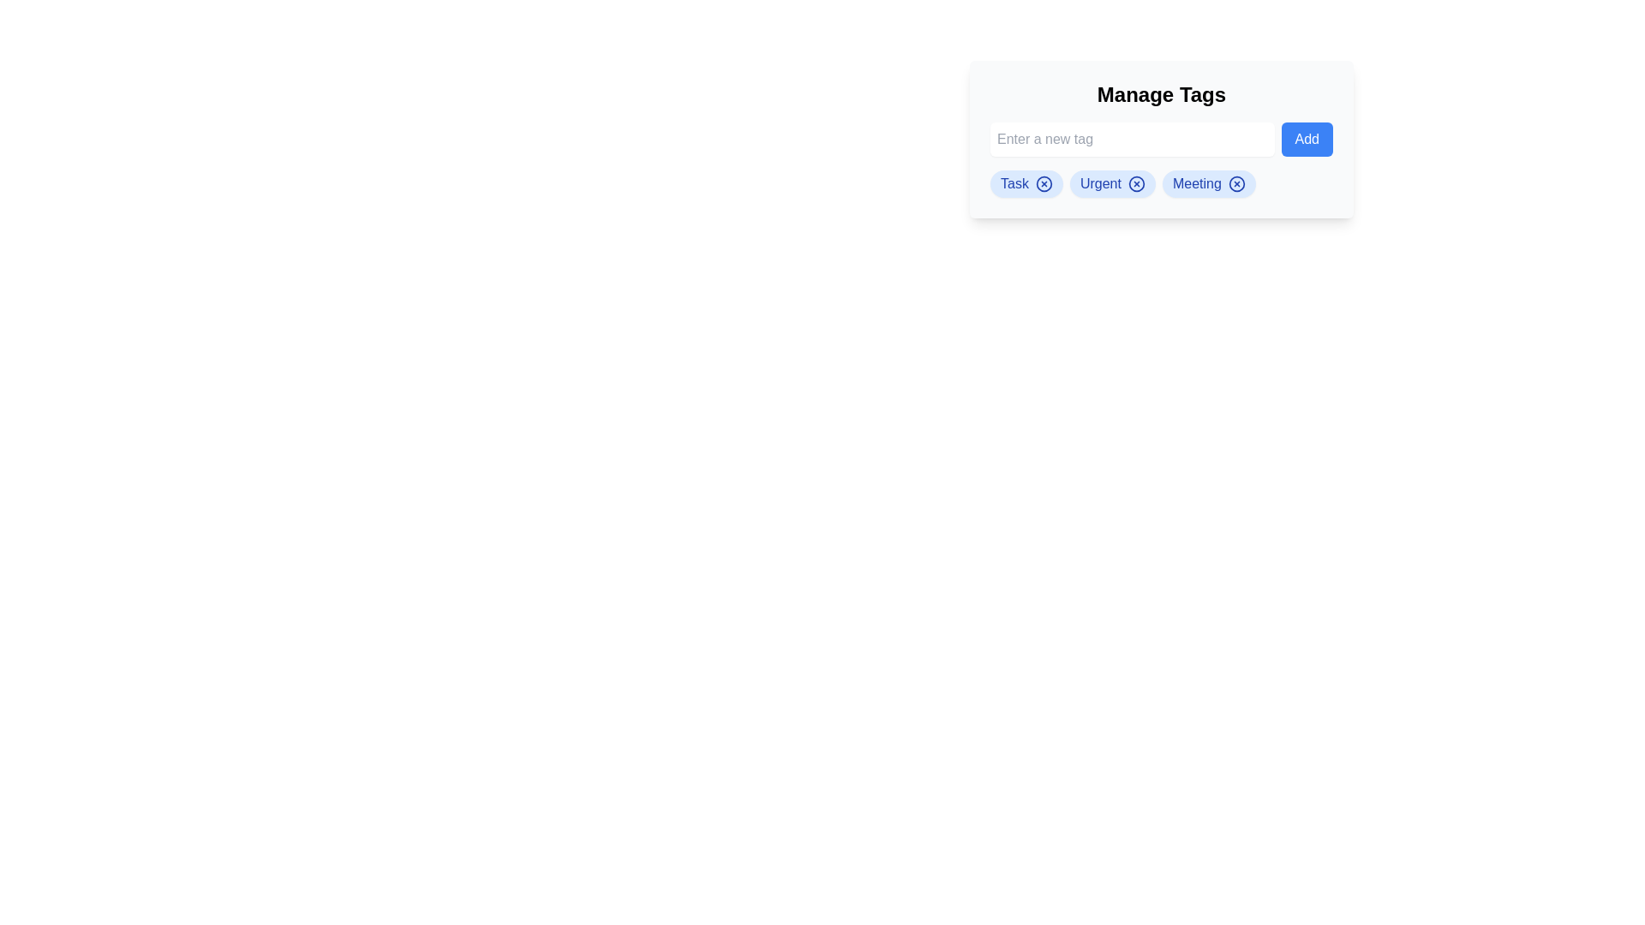  What do you see at coordinates (1100, 184) in the screenshot?
I see `the text label that indicates a category or tag, which is centrally located within a rounded background tag item appearing second in a row` at bounding box center [1100, 184].